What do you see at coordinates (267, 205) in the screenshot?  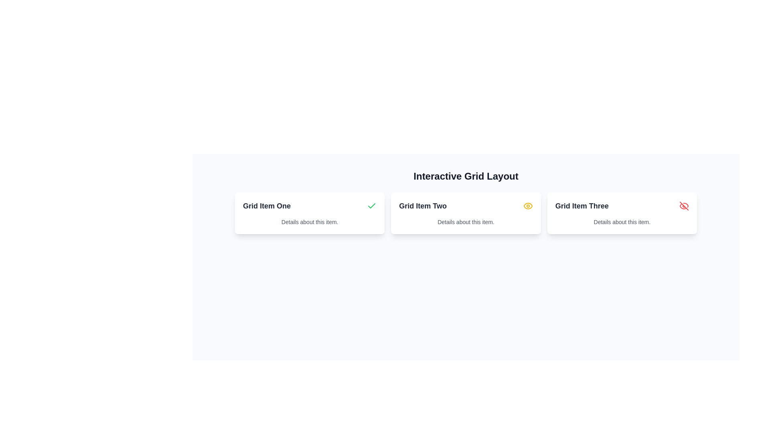 I see `the text label that represents the title of the first grid item, located to the left of a green check icon and above a description text` at bounding box center [267, 205].